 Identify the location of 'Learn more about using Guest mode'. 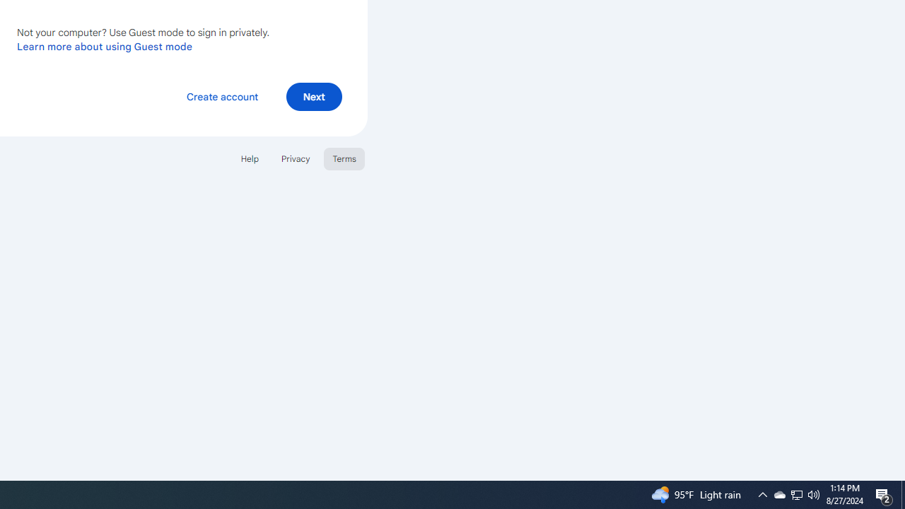
(104, 45).